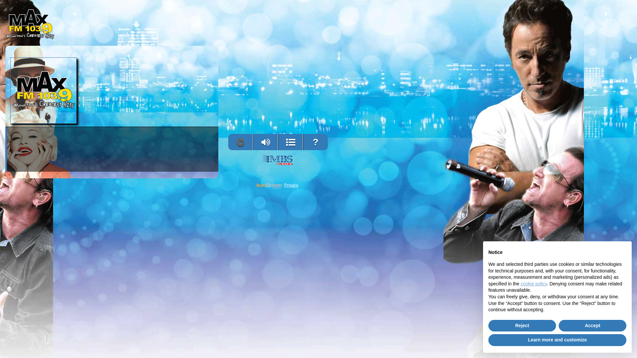  What do you see at coordinates (291, 185) in the screenshot?
I see `'Privacy'` at bounding box center [291, 185].